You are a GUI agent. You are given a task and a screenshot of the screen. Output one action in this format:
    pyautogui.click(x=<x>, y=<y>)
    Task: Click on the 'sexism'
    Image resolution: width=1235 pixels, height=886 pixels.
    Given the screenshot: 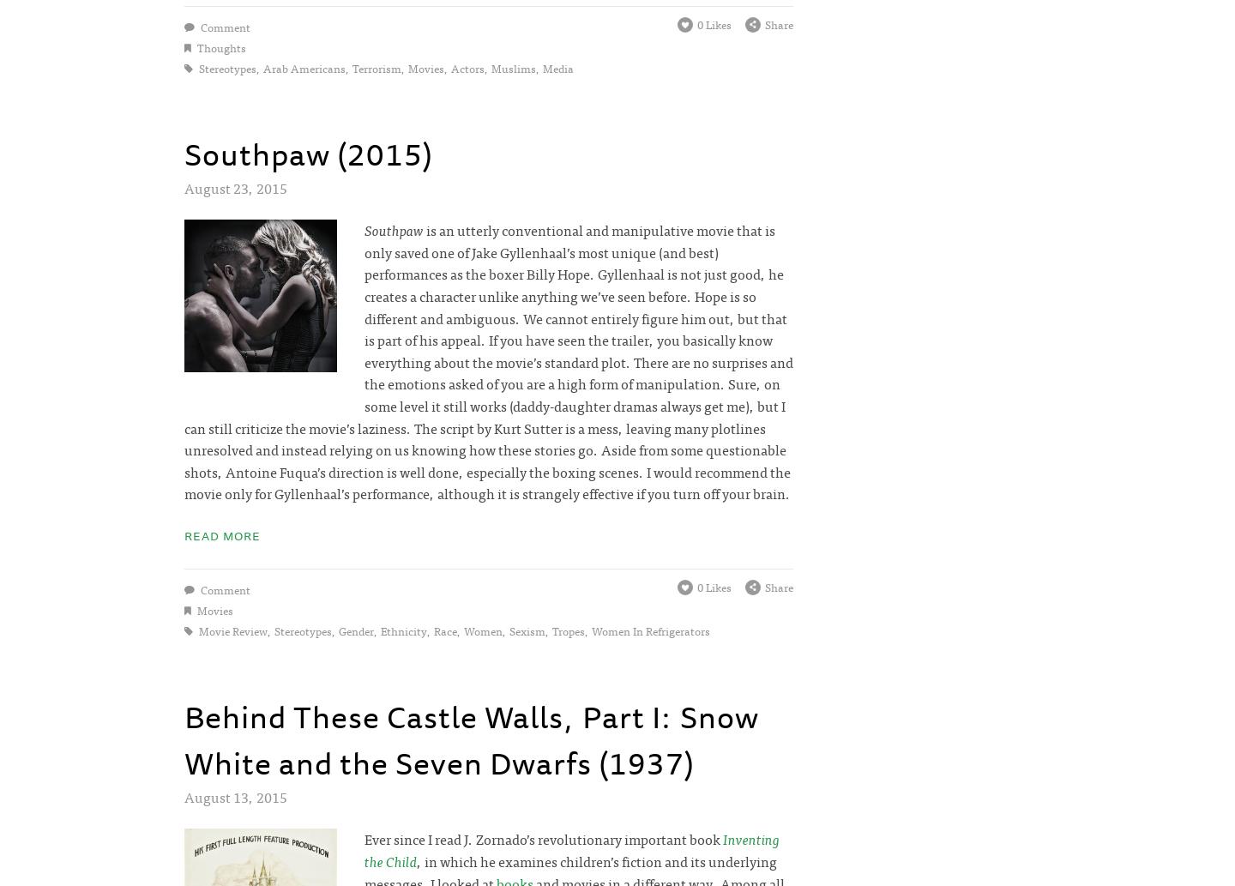 What is the action you would take?
    pyautogui.click(x=526, y=630)
    